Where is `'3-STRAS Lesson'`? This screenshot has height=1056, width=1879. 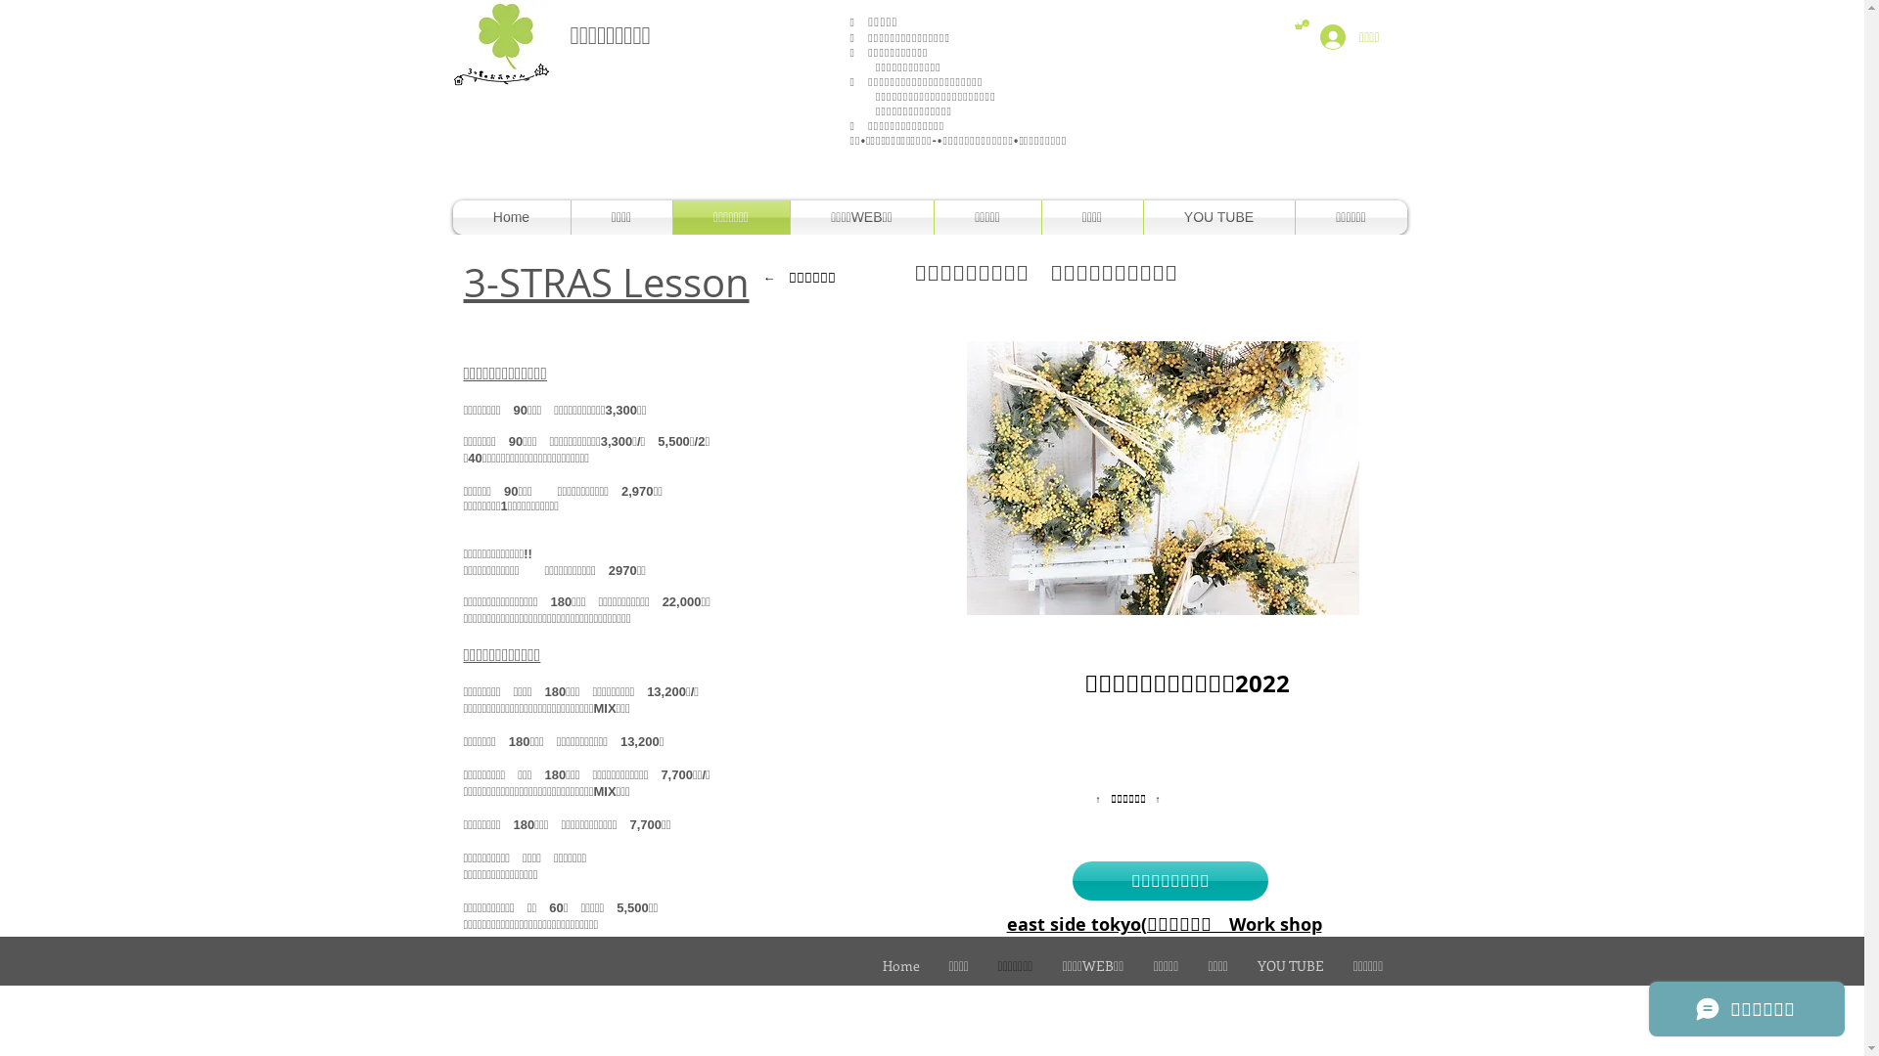 '3-STRAS Lesson' is located at coordinates (605, 283).